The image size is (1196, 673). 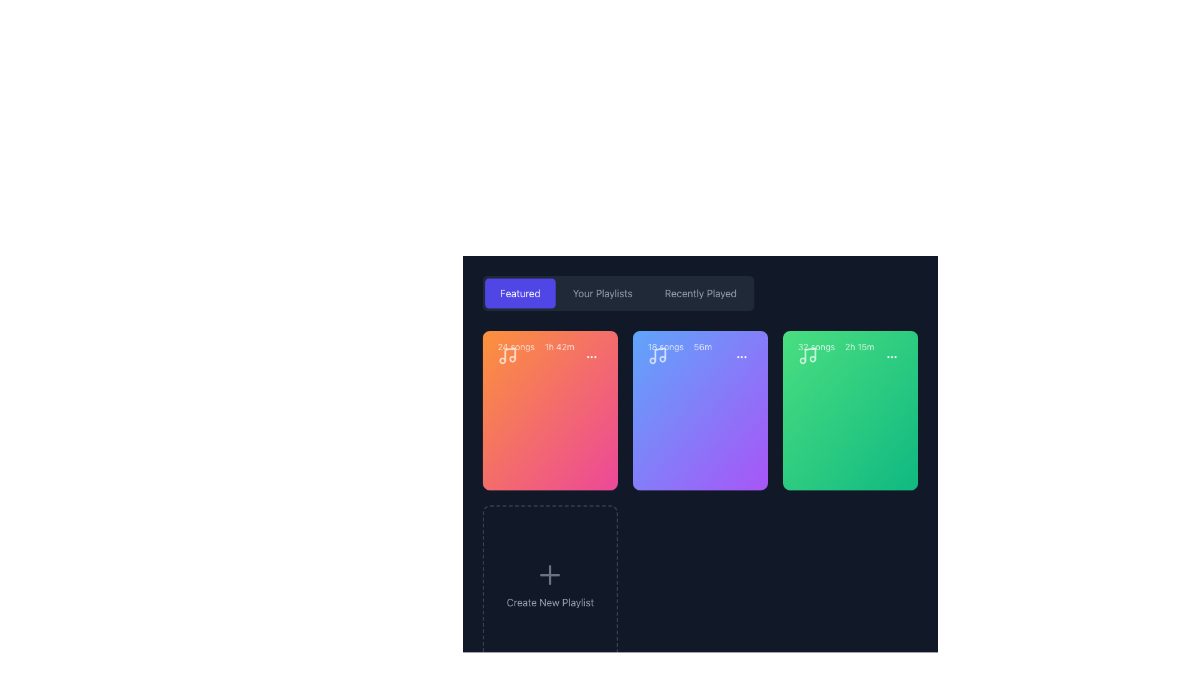 I want to click on the options menu button located at the top-right corner of the salmon-colored card, so click(x=591, y=357).